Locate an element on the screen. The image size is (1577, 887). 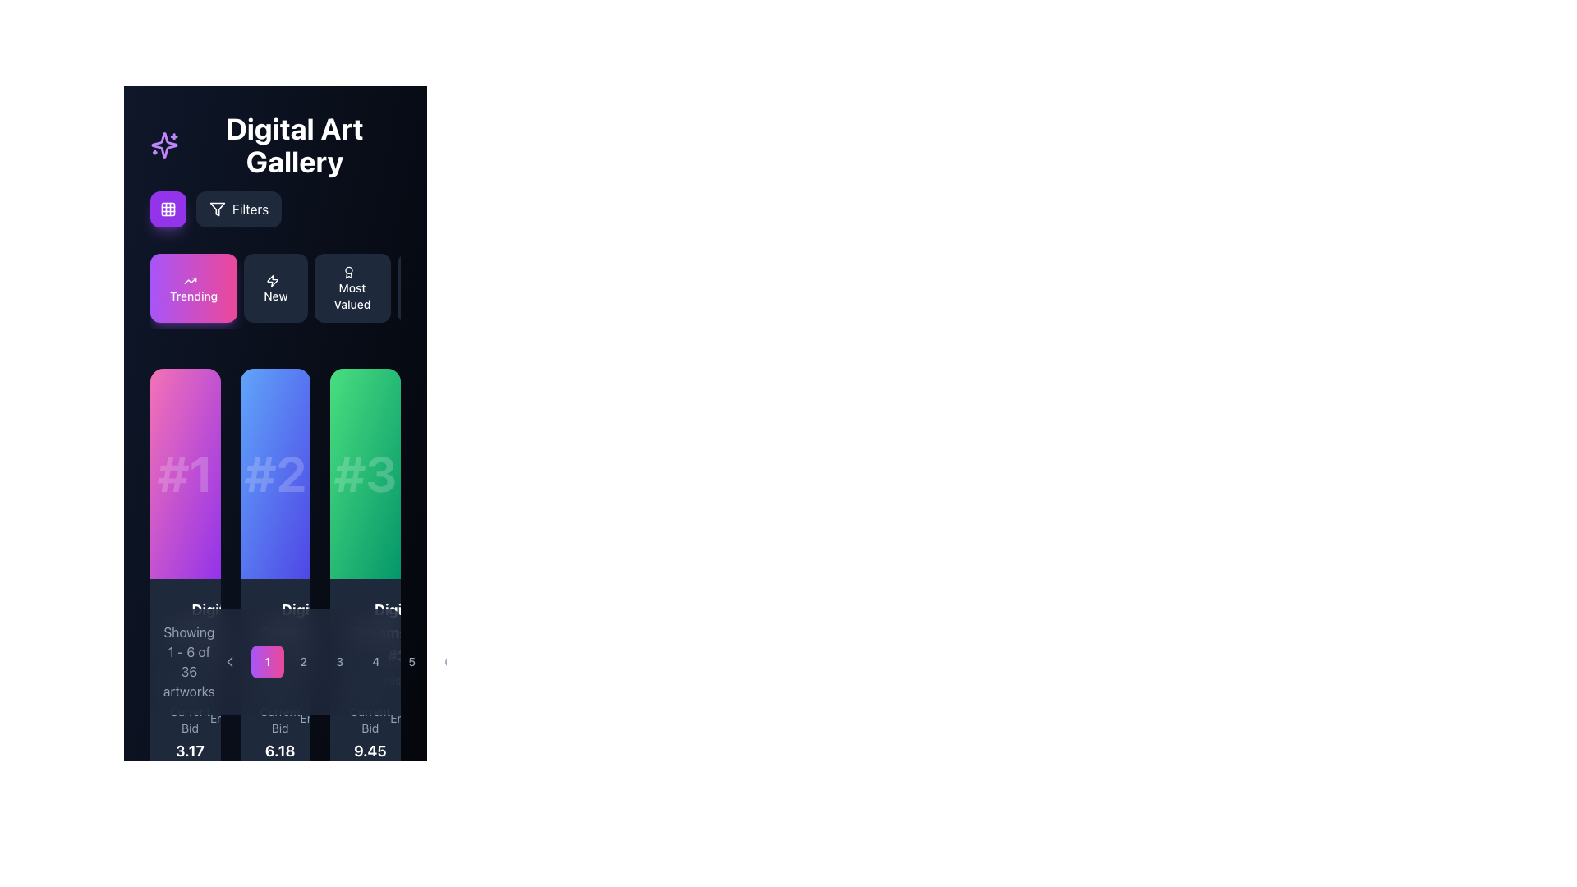
the small white lightning bolt SVG icon, which is centrally placed within the 'New' button in the horizontal row of buttons below the 'Digital Art Gallery' header is located at coordinates (272, 280).